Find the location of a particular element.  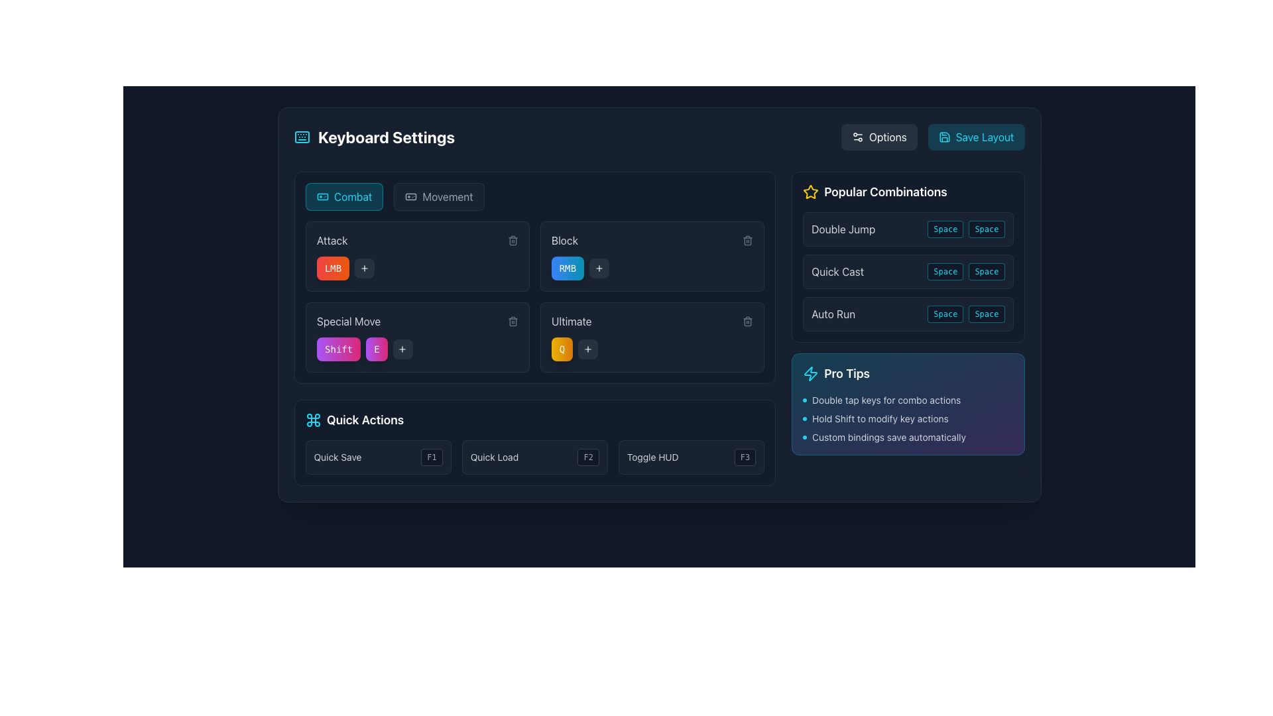

the text label 'F3' that appears as a small rectangular button with a dark gray background and light gray text, located to the right of the 'Toggle HUD' label in the 'Quick Actions' section is located at coordinates (745, 457).